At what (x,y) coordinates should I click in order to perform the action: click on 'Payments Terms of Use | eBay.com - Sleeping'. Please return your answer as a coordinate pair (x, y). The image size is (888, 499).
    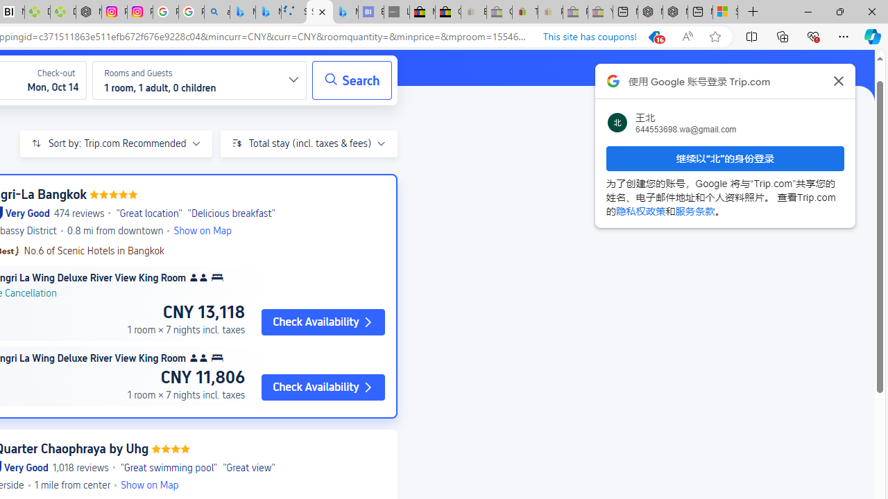
    Looking at the image, I should click on (549, 12).